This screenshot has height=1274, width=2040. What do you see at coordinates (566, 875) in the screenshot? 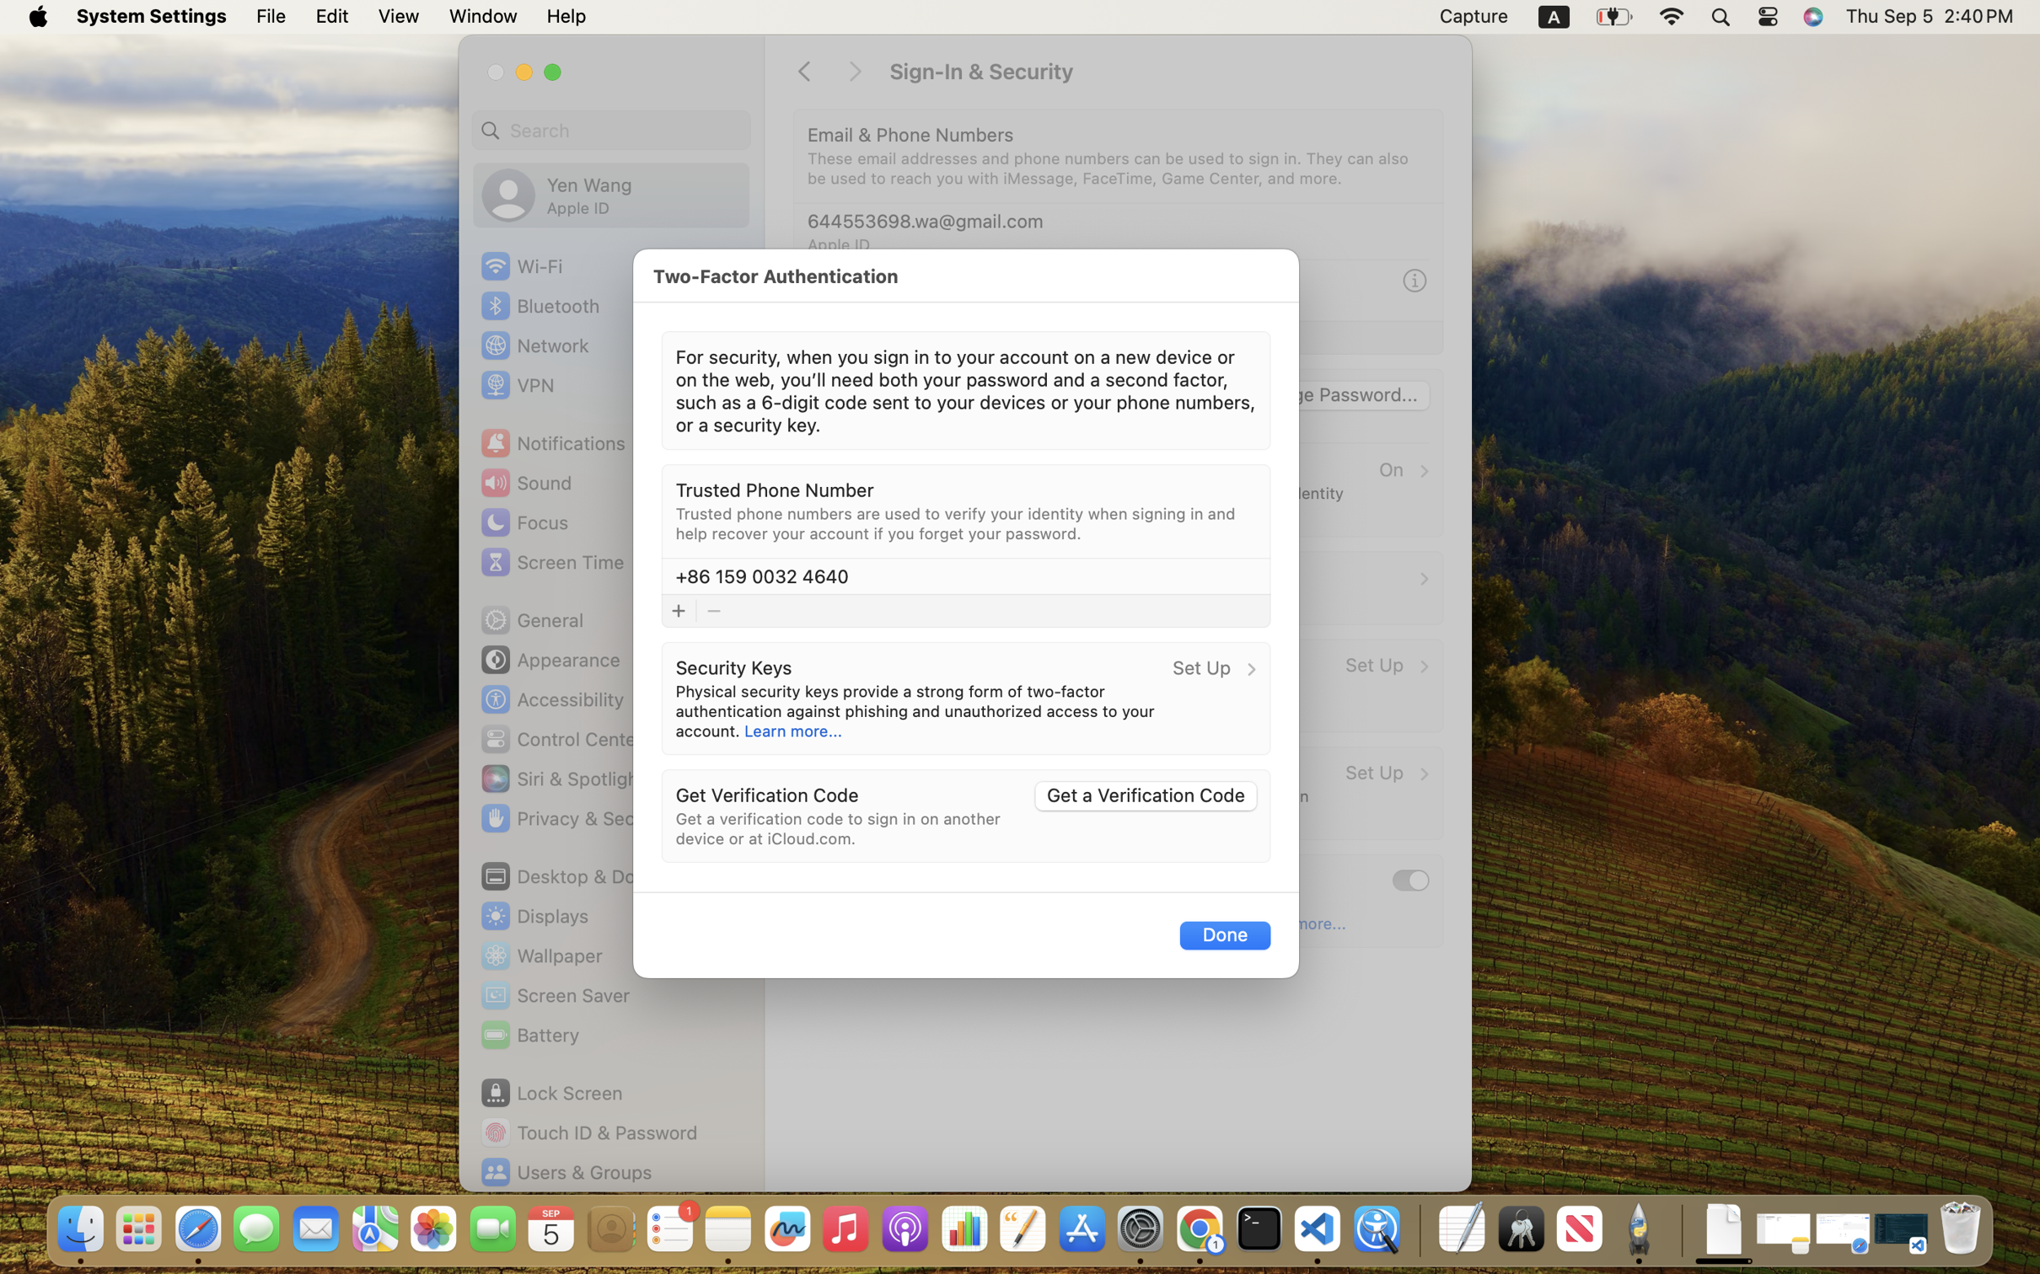
I see `'Desktop & Dock'` at bounding box center [566, 875].